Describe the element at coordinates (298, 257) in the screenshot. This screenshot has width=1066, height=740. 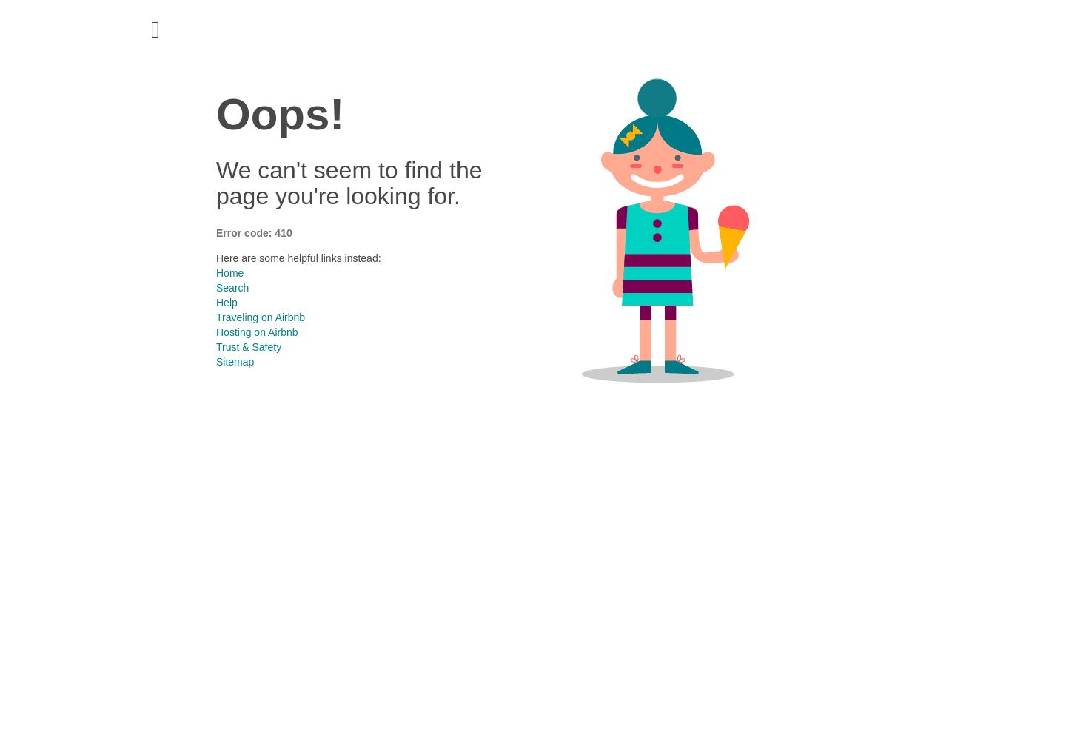
I see `'Here are some helpful links instead:'` at that location.